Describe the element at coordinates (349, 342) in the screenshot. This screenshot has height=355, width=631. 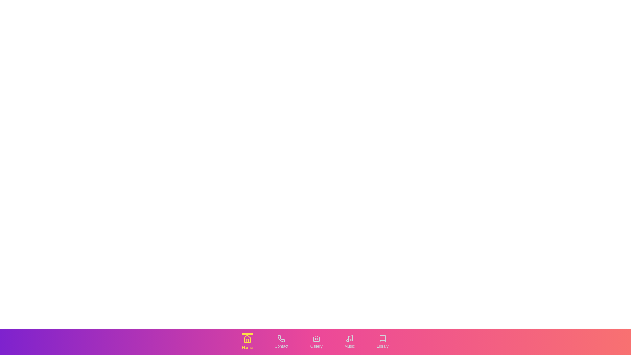
I see `the tab labeled Music to switch to that tab` at that location.